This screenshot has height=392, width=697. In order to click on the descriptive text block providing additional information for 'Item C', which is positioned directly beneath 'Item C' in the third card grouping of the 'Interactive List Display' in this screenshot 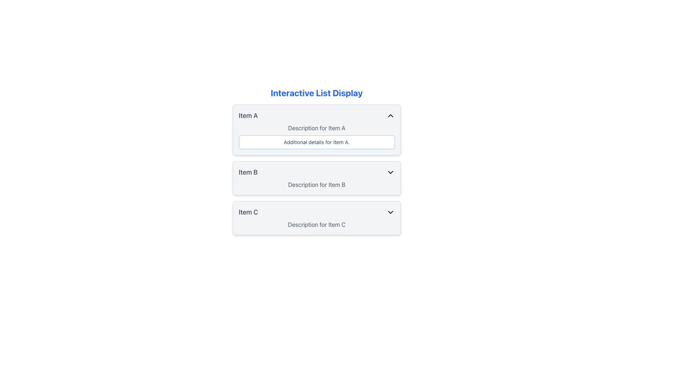, I will do `click(317, 224)`.